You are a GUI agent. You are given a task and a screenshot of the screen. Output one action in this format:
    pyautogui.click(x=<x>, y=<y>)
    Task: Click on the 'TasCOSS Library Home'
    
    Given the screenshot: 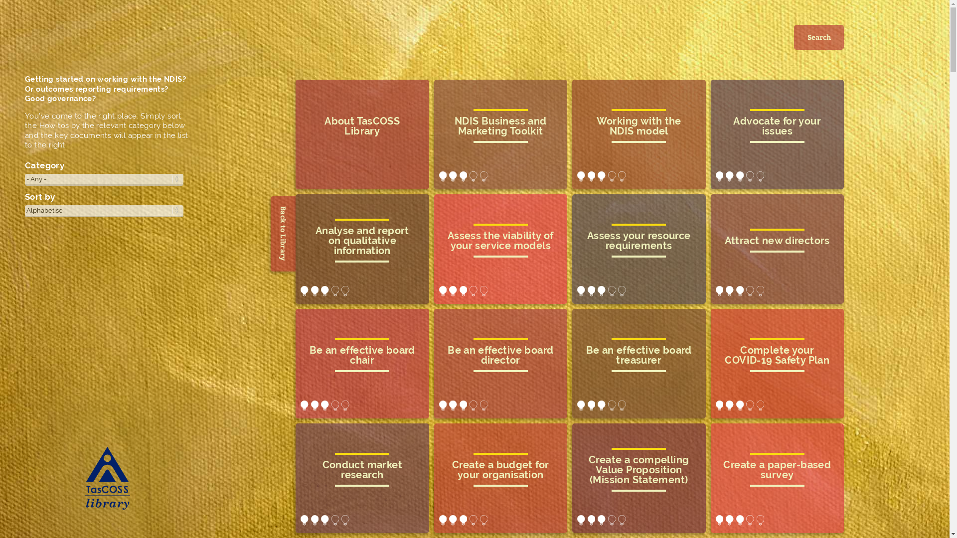 What is the action you would take?
    pyautogui.click(x=84, y=479)
    